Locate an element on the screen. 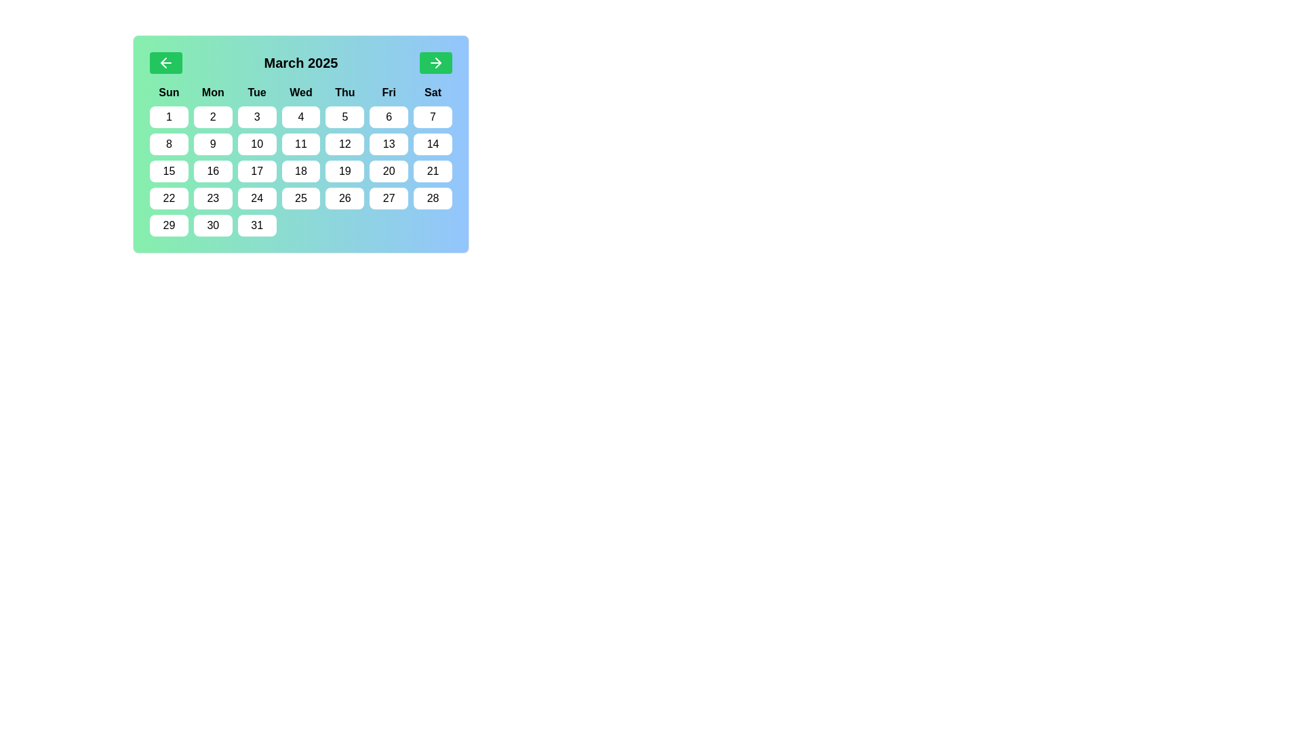 Image resolution: width=1302 pixels, height=732 pixels. the rounded rectangular button displaying the number '19' in black on a white background, which is the sixth button in the fourth row of the calendar grid corresponding to Friday is located at coordinates (344, 171).